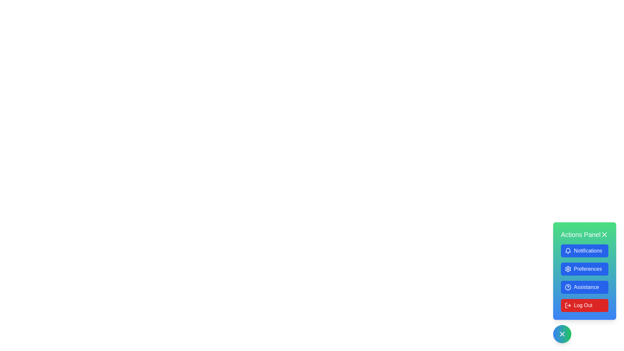 Image resolution: width=624 pixels, height=351 pixels. I want to click on the 'Notifications' button, which is a rectangular button with a blue background, a white bell icon on the left, and white text, to potentially reveal additional information or a tooltip, so click(584, 250).